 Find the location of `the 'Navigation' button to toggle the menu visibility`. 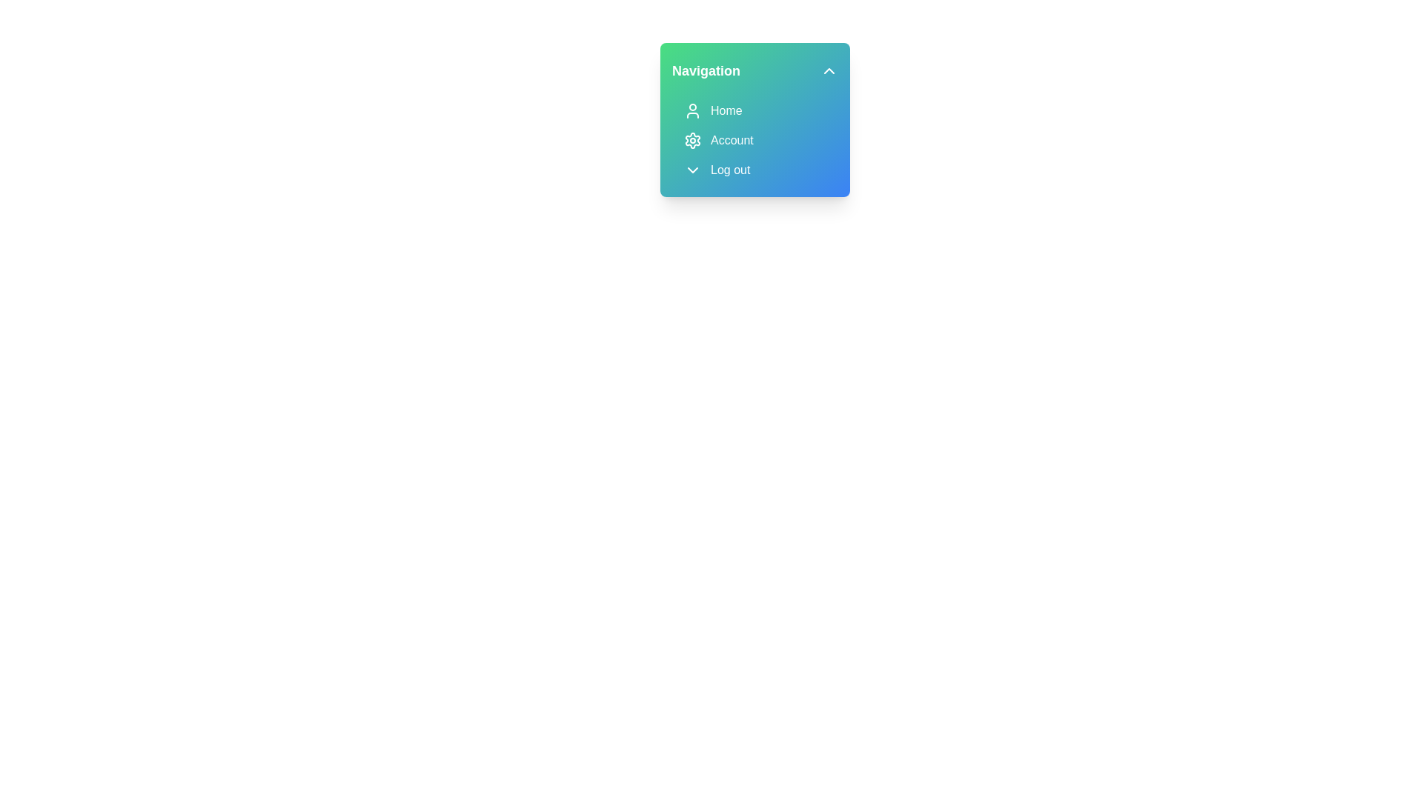

the 'Navigation' button to toggle the menu visibility is located at coordinates (754, 71).